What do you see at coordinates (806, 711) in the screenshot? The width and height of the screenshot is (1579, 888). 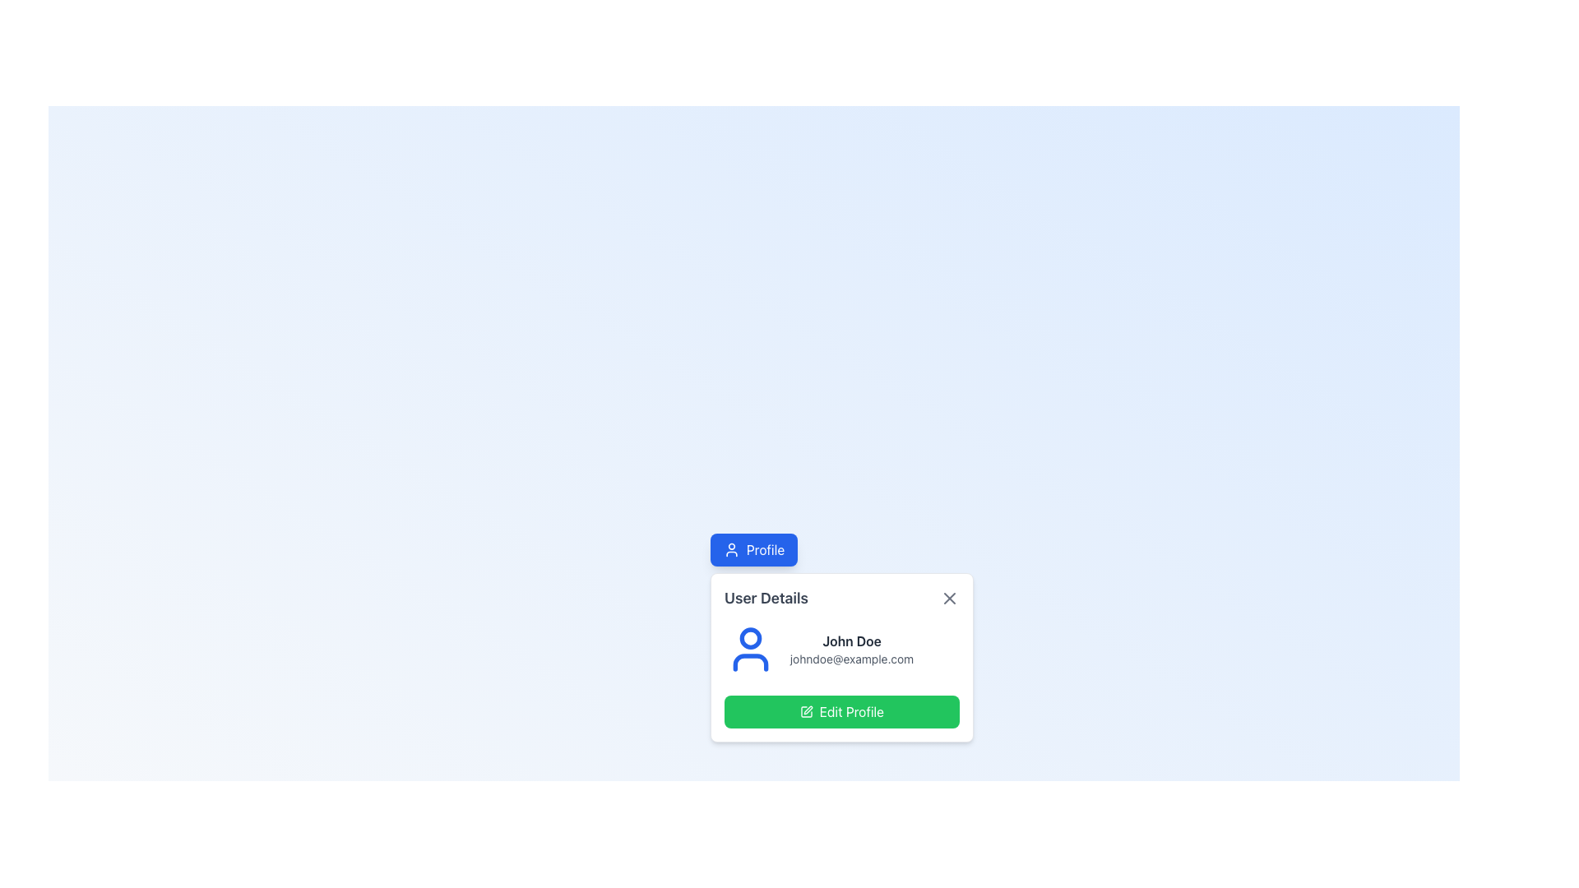 I see `the small, square-shaped pen icon located on the left side of the green button labeled 'Edit Profile'` at bounding box center [806, 711].